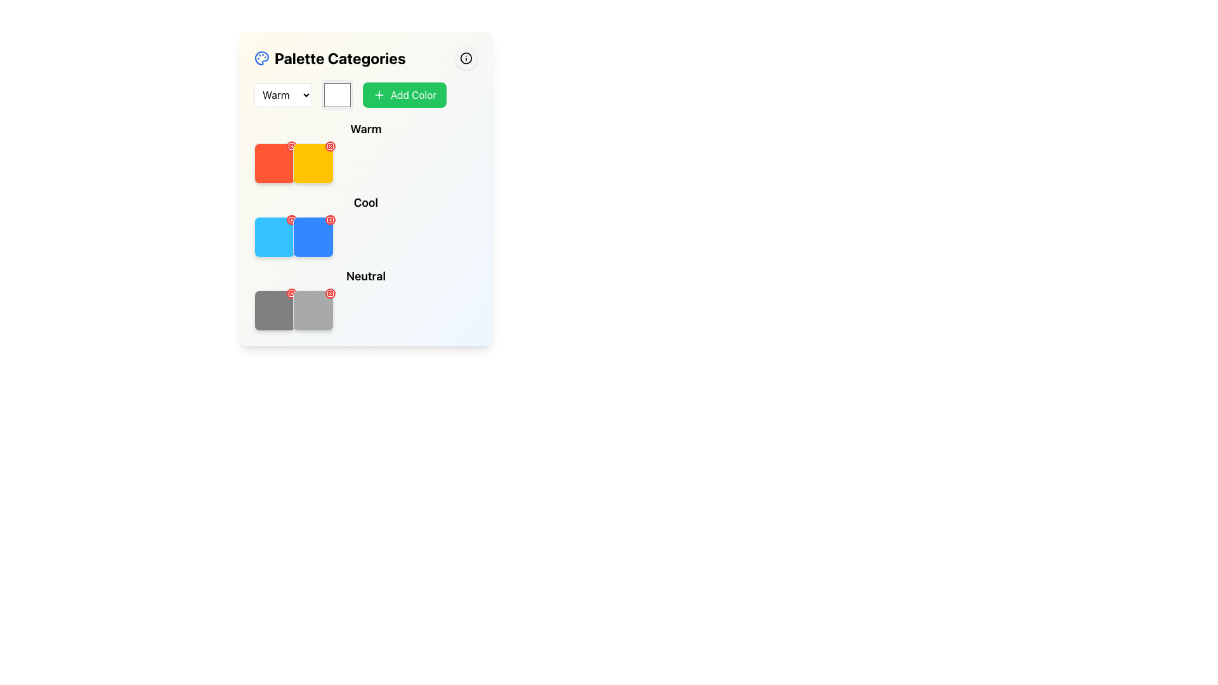 The image size is (1218, 685). I want to click on the delete button in the top-right corner of the yellow swatch in the 'Warm' category to activate hover styles, so click(331, 146).